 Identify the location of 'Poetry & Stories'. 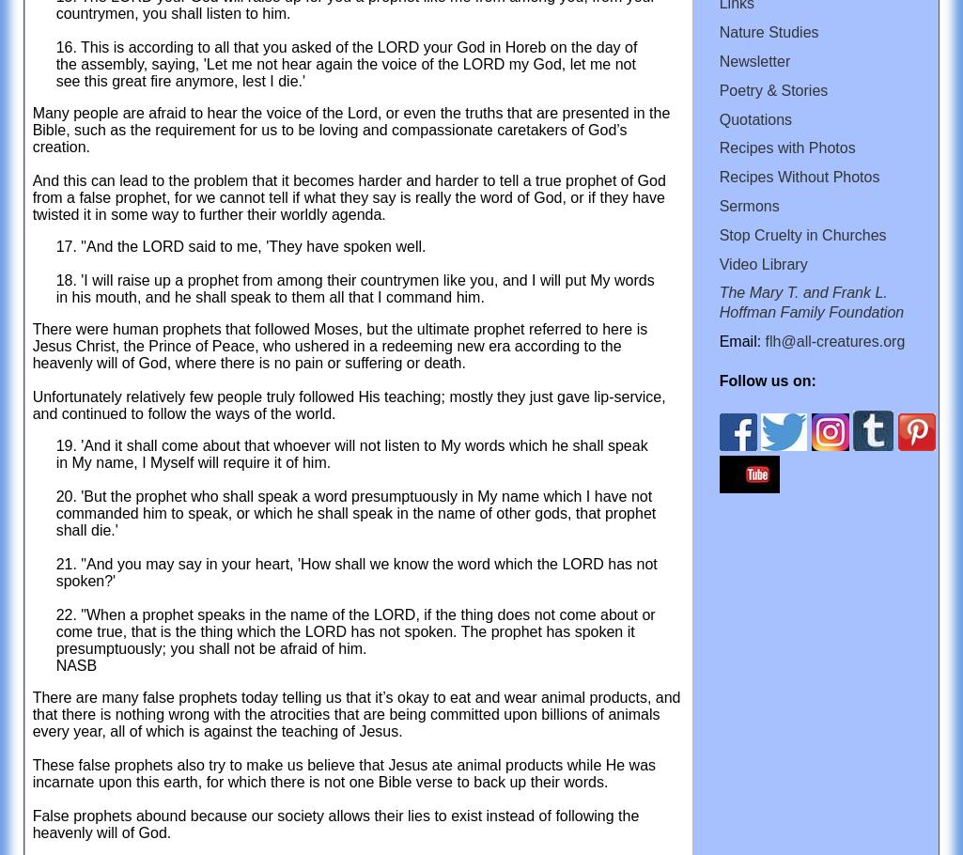
(771, 88).